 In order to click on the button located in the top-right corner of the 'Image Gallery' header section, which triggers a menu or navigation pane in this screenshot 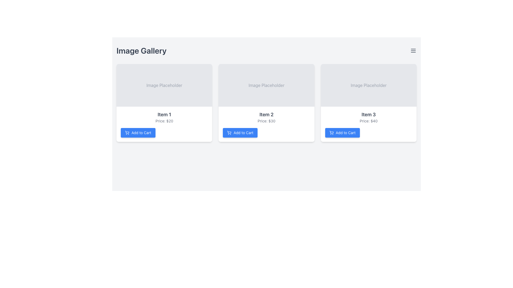, I will do `click(413, 50)`.